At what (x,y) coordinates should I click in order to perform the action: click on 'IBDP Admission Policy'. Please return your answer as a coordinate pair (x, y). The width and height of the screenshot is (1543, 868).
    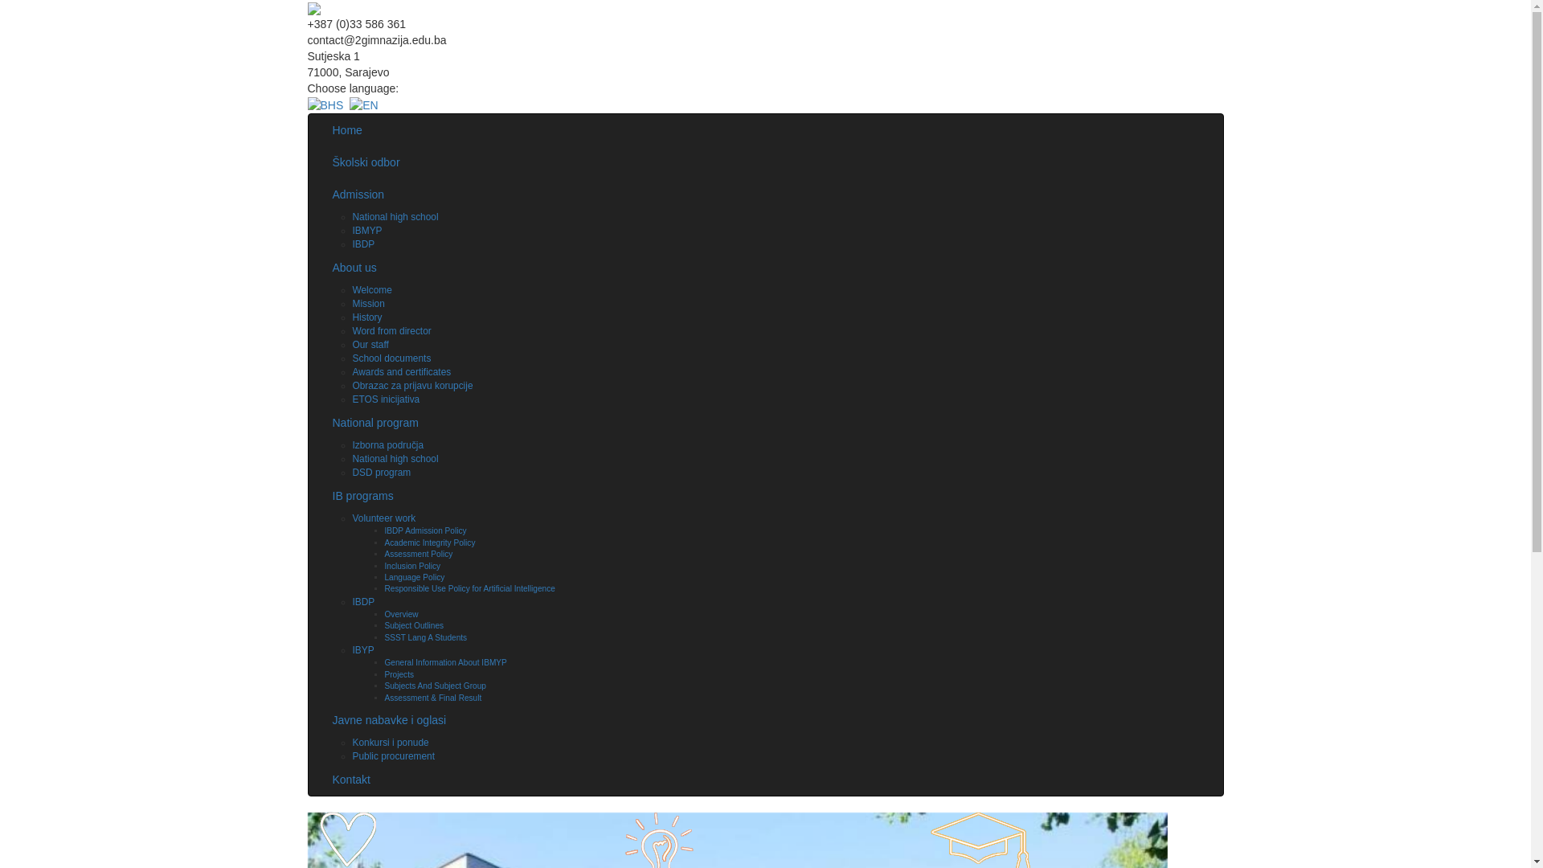
    Looking at the image, I should click on (383, 530).